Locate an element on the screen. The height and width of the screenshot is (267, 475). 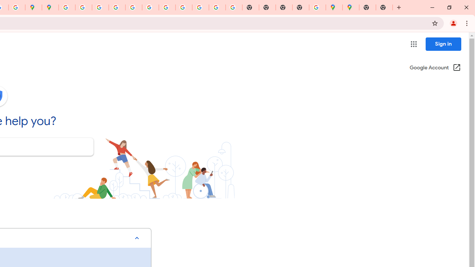
'Use Google Maps in Space - Google Maps Help' is located at coordinates (317, 7).